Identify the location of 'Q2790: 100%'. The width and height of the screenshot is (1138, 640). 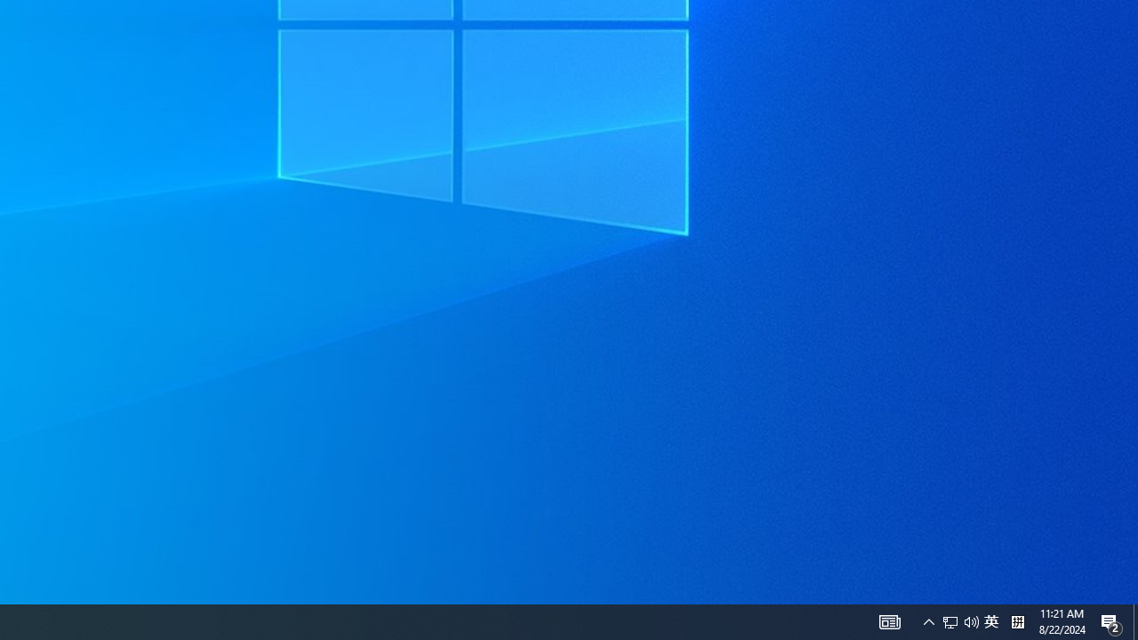
(971, 620).